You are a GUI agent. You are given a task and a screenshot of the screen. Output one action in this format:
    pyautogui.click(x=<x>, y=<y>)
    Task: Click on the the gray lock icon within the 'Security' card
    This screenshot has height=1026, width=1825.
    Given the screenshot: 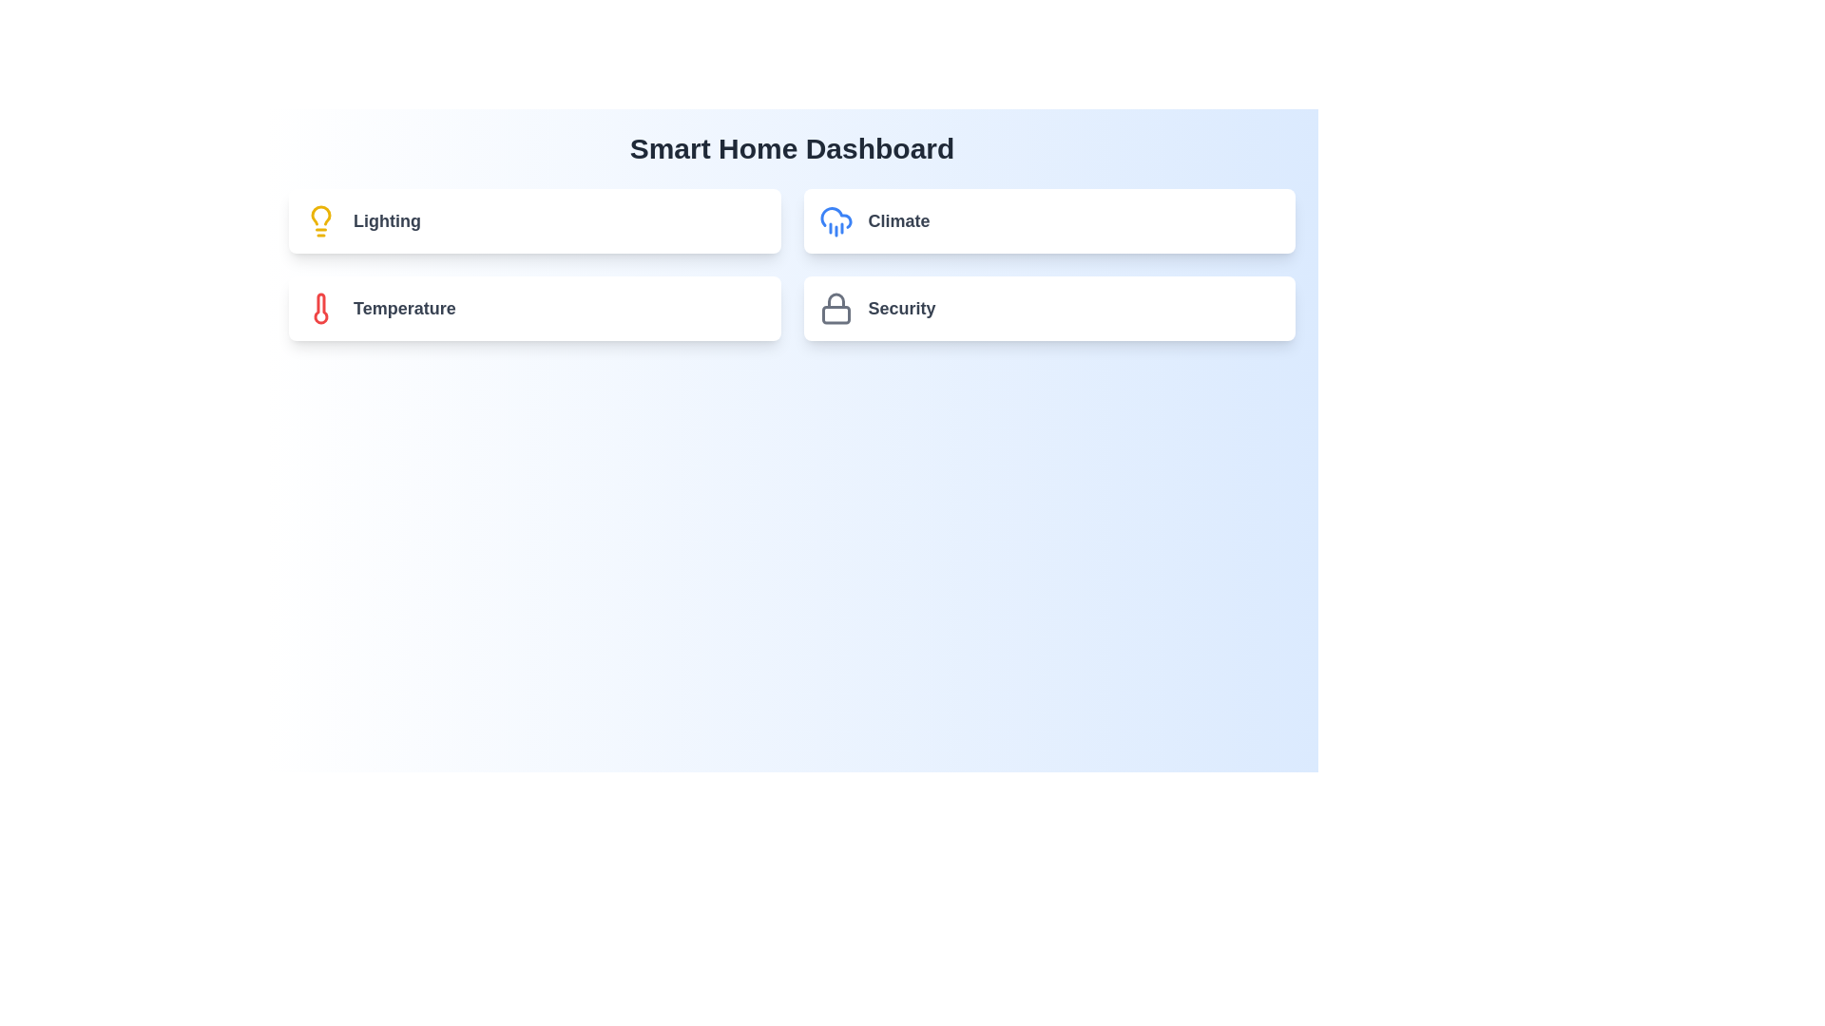 What is the action you would take?
    pyautogui.click(x=836, y=307)
    